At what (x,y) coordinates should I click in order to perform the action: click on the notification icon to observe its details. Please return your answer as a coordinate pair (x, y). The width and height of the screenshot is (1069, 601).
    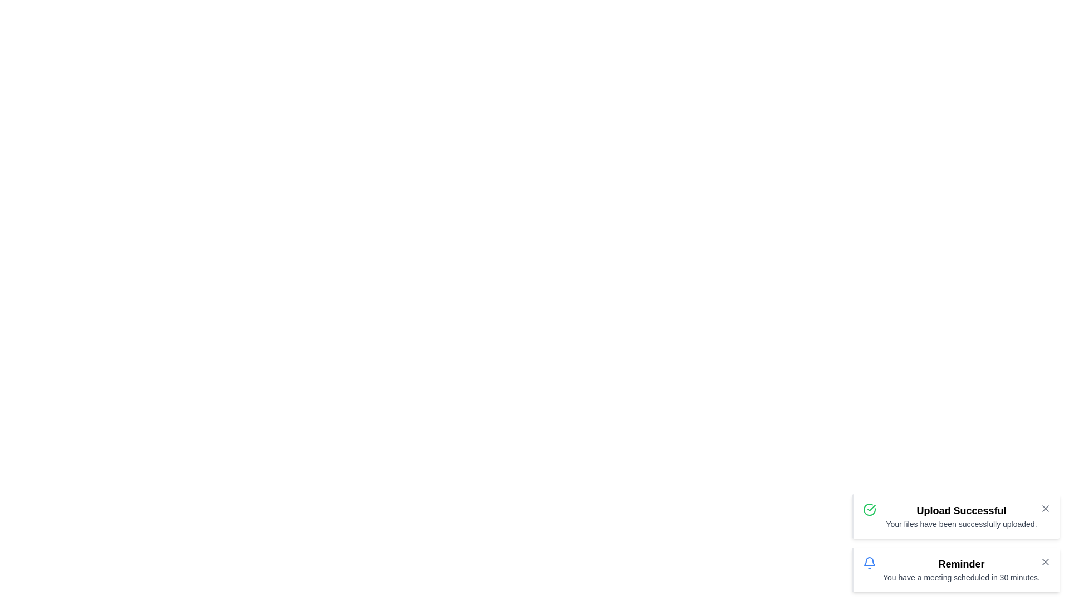
    Looking at the image, I should click on (869, 563).